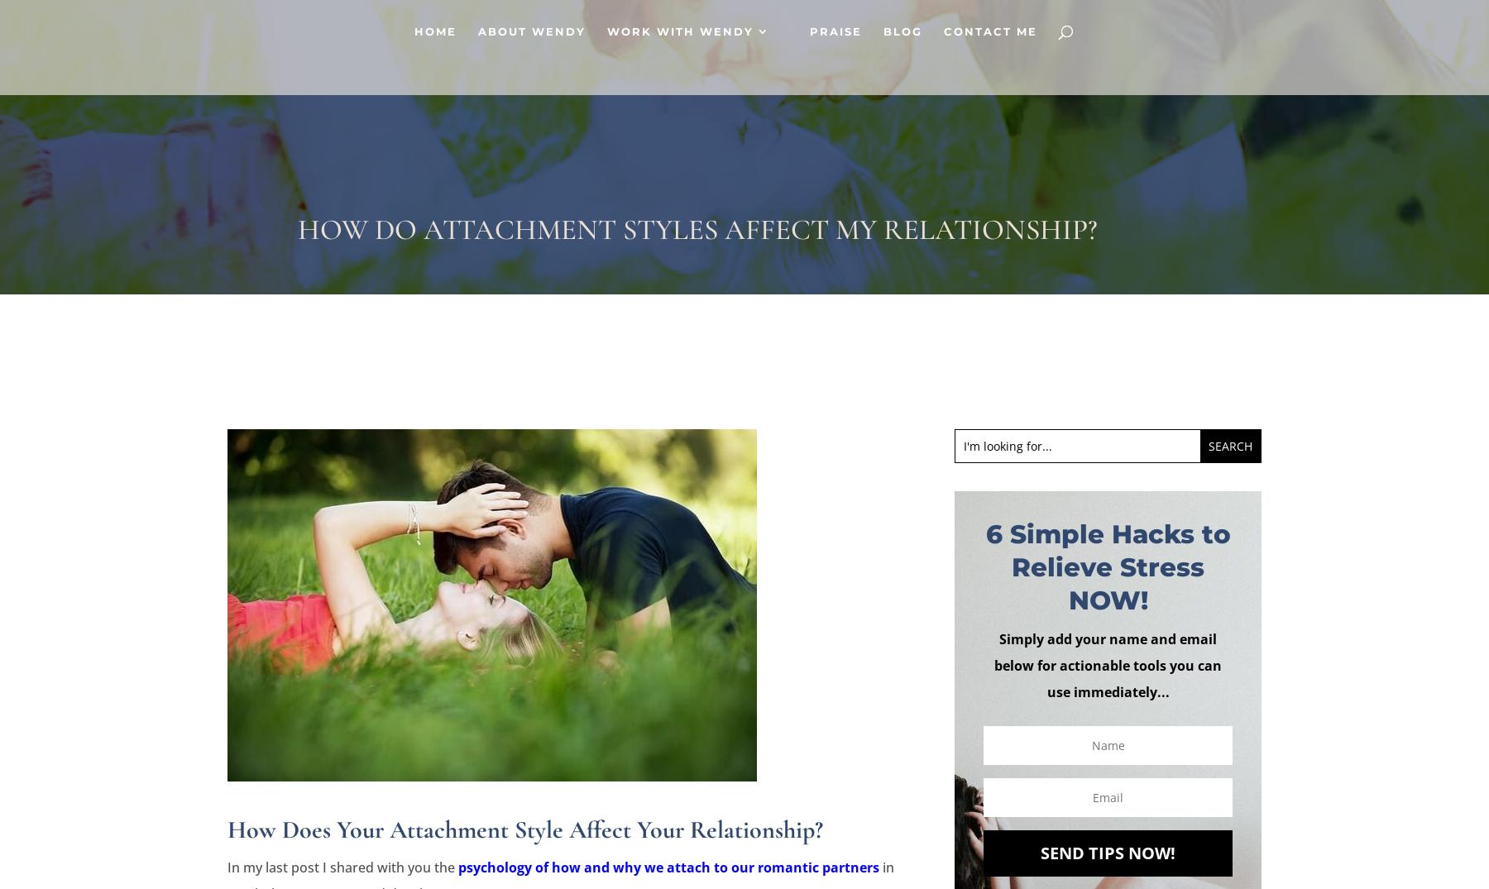 The image size is (1489, 889). Describe the element at coordinates (903, 264) in the screenshot. I see `'How To Stop Self Sabotaging'` at that location.